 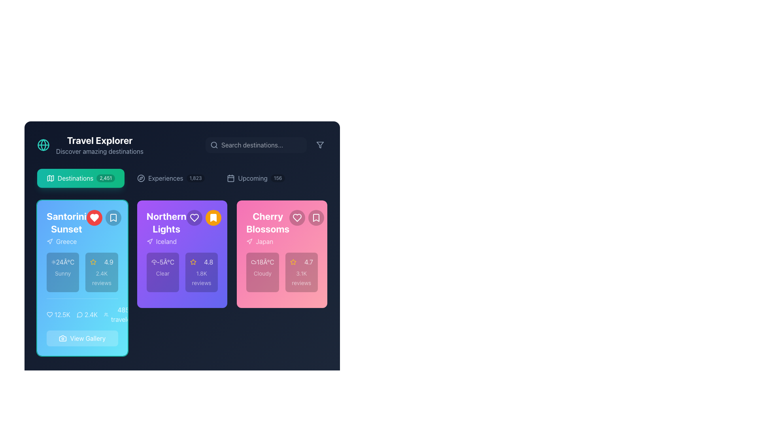 I want to click on the Informational component displaying weather and rating summary, which consists of two rectangular sections within a purple card labeled 'Northern Lights.' The left section shows a weather icon with '-5°C' and 'Clear,' while the right section displays a star icon with a rating of '4.8' and '1.8K reviews.', so click(x=181, y=272).